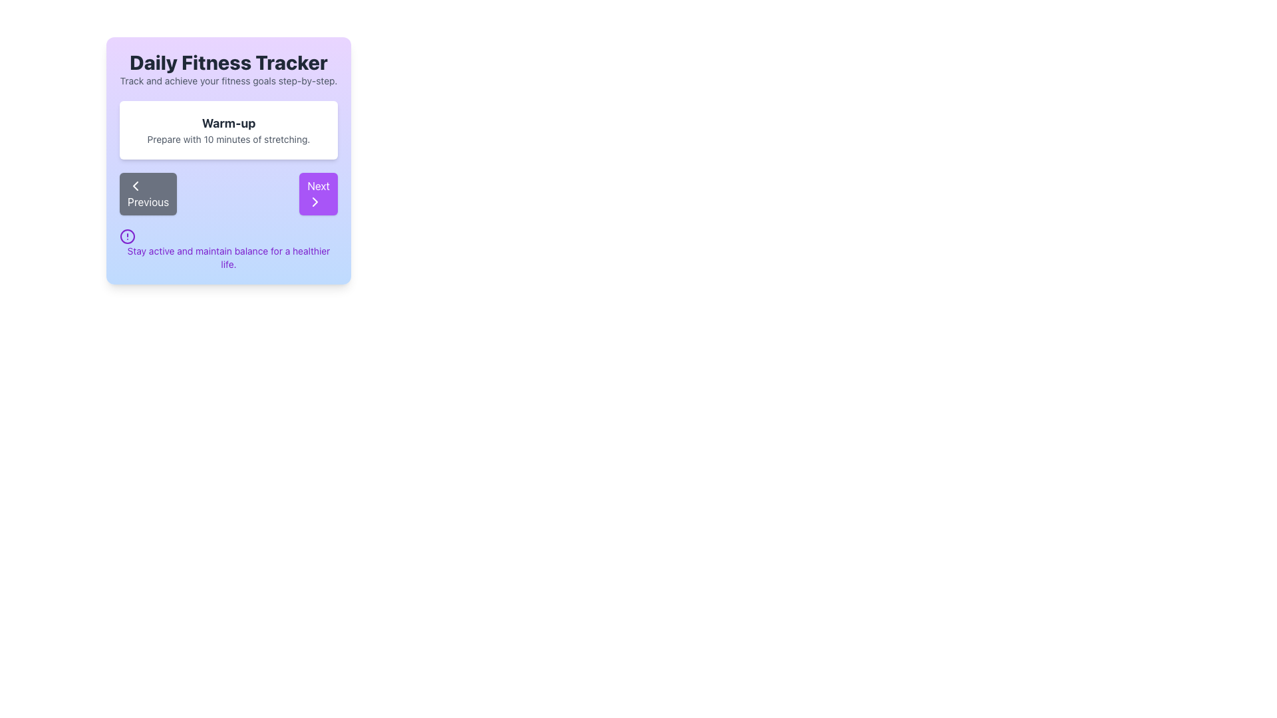 This screenshot has height=718, width=1277. I want to click on the descriptive tagline element located below the title 'Daily Fitness Tracker', so click(229, 81).